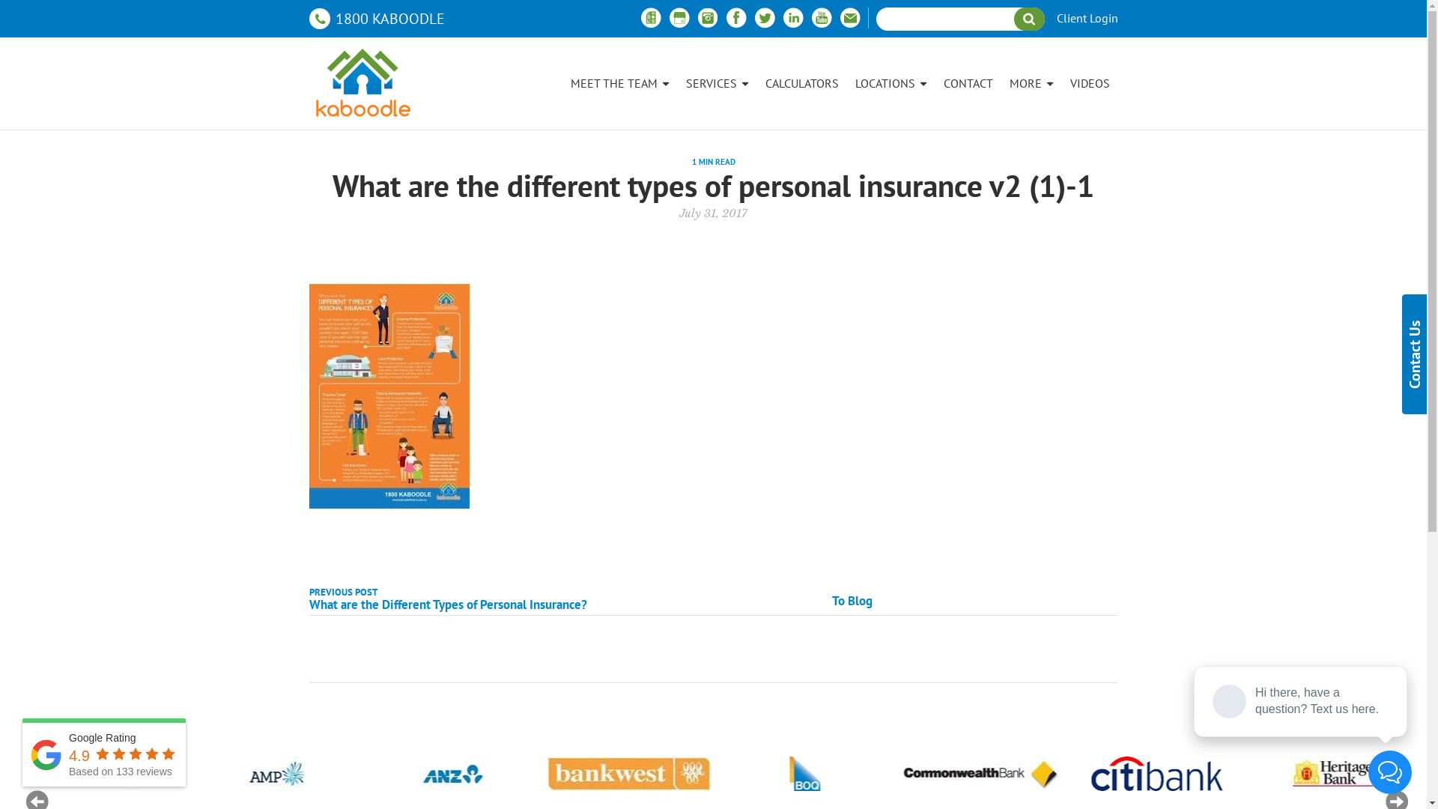  I want to click on 'Google Business', so click(678, 17).